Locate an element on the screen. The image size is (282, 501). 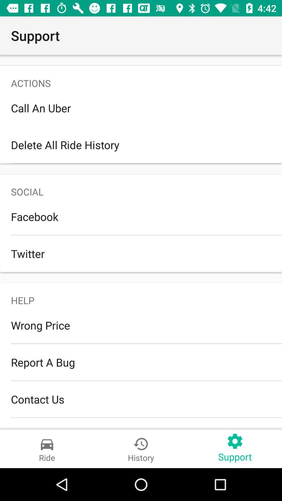
the delete all ride icon is located at coordinates (141, 145).